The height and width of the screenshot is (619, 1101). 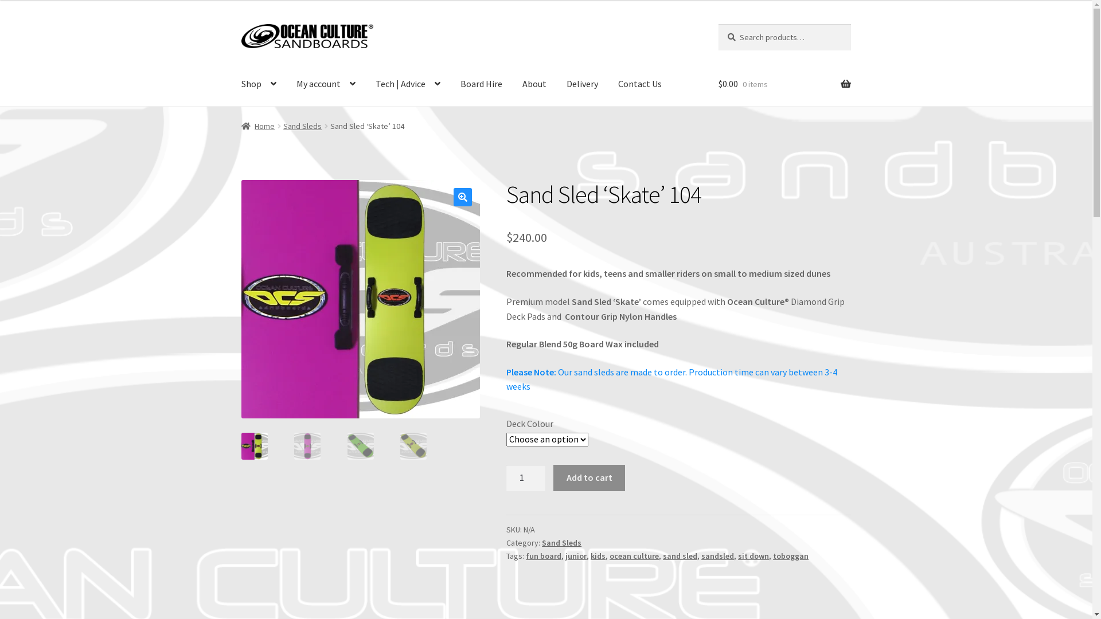 I want to click on 'Delivery', so click(x=582, y=83).